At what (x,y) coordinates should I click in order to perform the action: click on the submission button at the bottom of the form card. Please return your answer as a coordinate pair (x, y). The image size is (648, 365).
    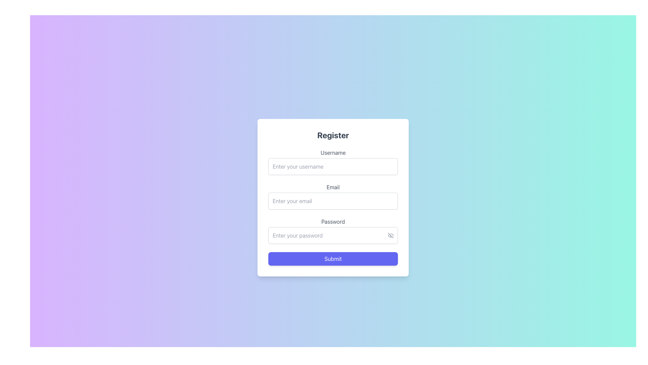
    Looking at the image, I should click on (333, 259).